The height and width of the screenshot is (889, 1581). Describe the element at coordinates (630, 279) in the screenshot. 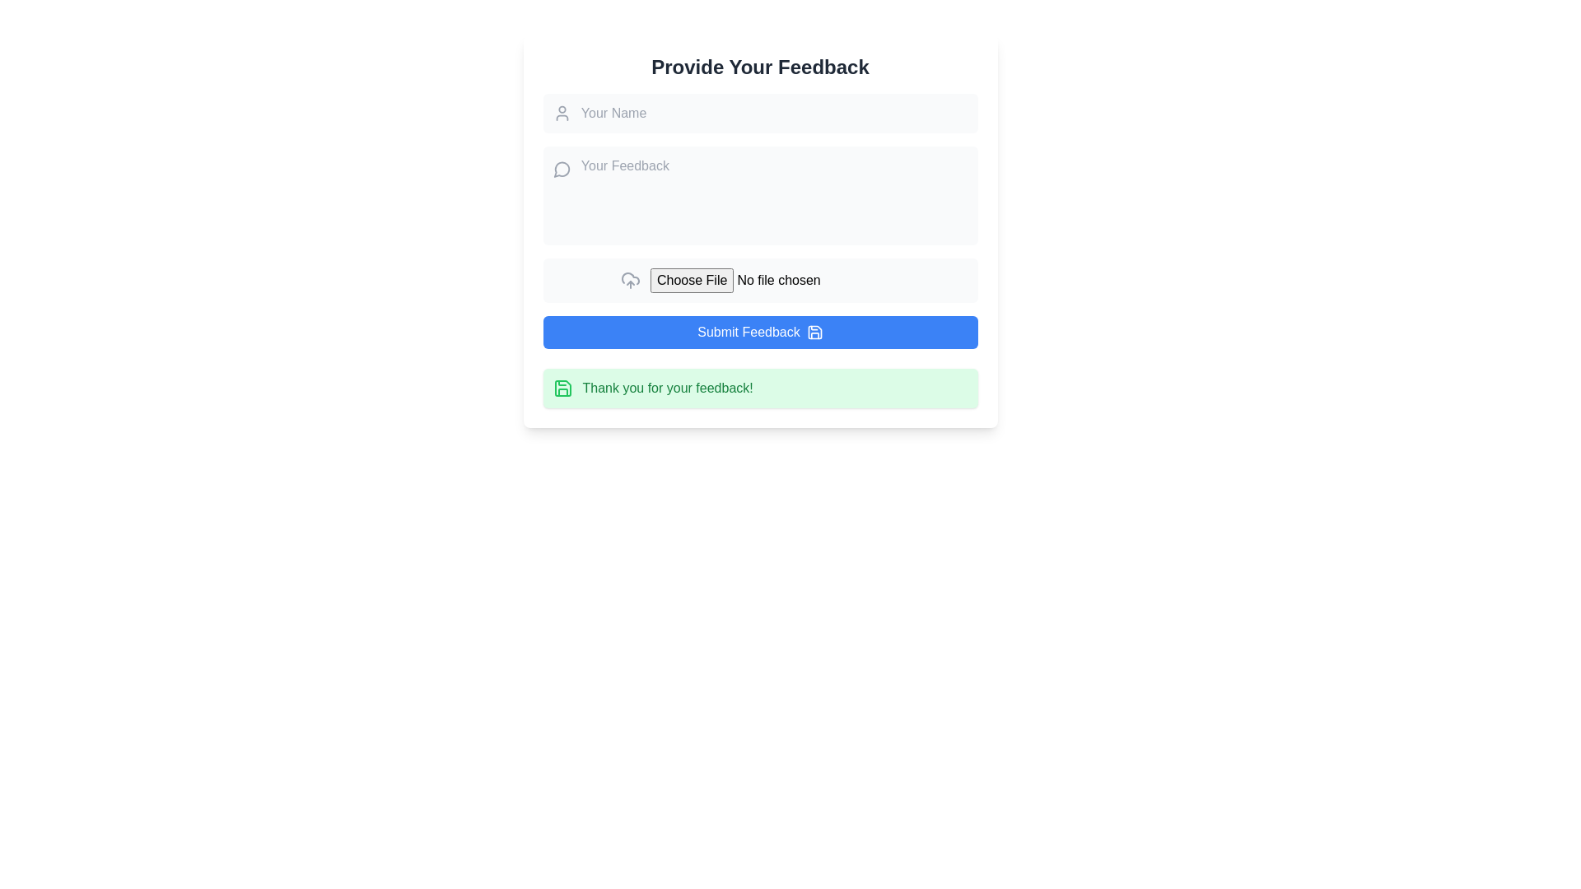

I see `the small gray cloud icon with an upward arrow, which indicates an upload action and is positioned next to the file upload button` at that location.